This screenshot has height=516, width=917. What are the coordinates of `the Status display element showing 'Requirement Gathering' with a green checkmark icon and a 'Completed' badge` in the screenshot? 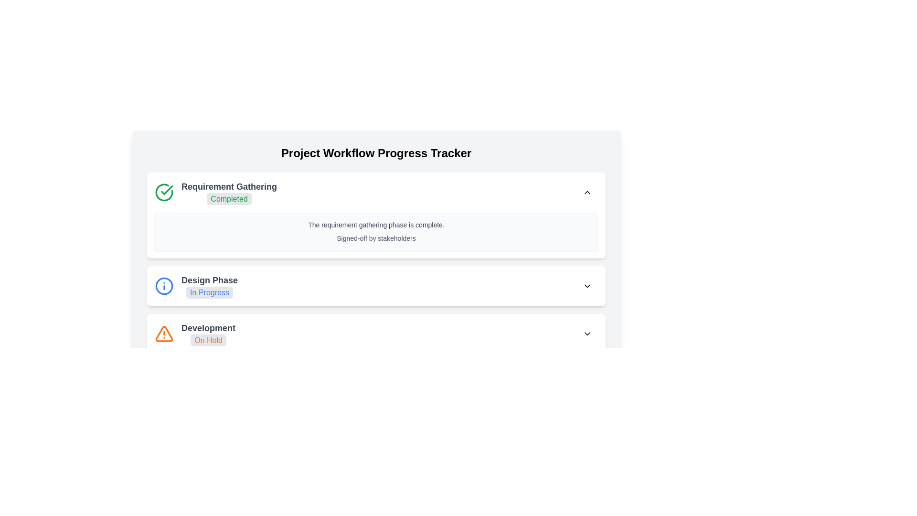 It's located at (215, 192).